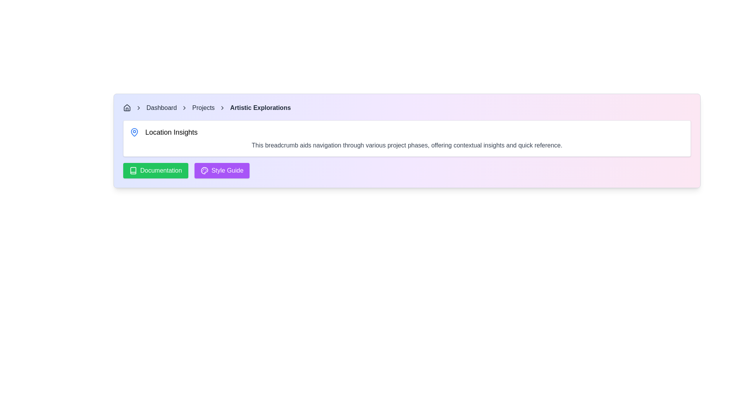 The height and width of the screenshot is (418, 744). What do you see at coordinates (204, 170) in the screenshot?
I see `the decorative 'Style Guide' icon located on the left side of the 'Style Guide' button in the navigation bar at the bottom of the section` at bounding box center [204, 170].